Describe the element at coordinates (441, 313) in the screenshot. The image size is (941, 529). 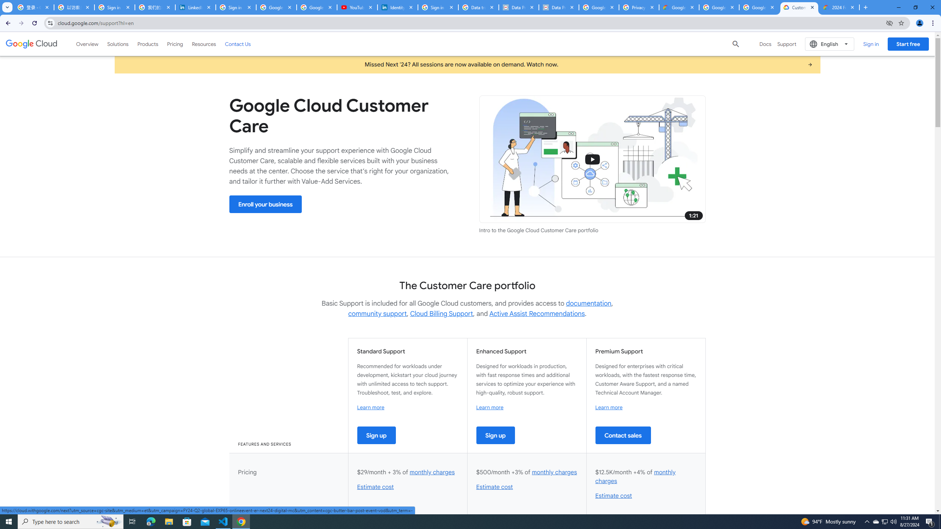
I see `'Cloud Billing Support'` at that location.